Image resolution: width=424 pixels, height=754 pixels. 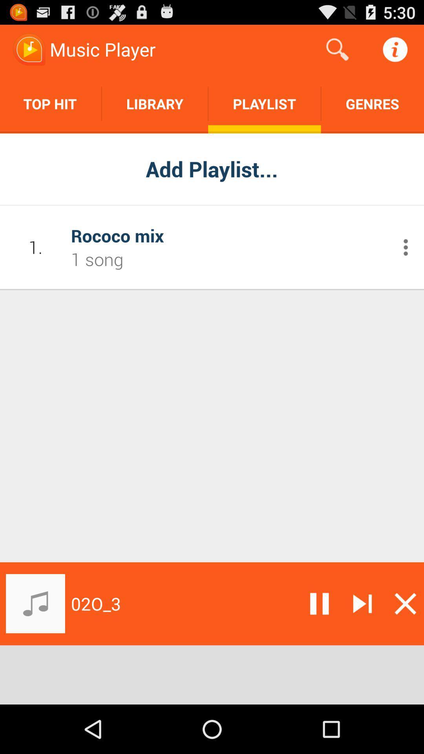 I want to click on additional options, so click(x=406, y=247).